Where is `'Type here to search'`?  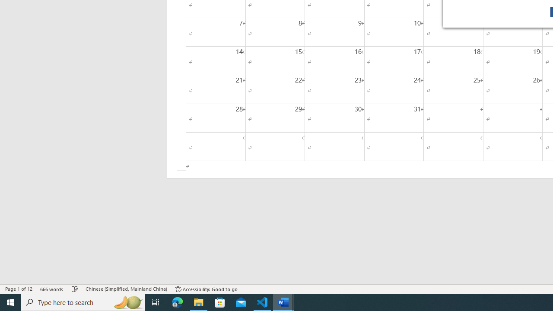 'Type here to search' is located at coordinates (83, 301).